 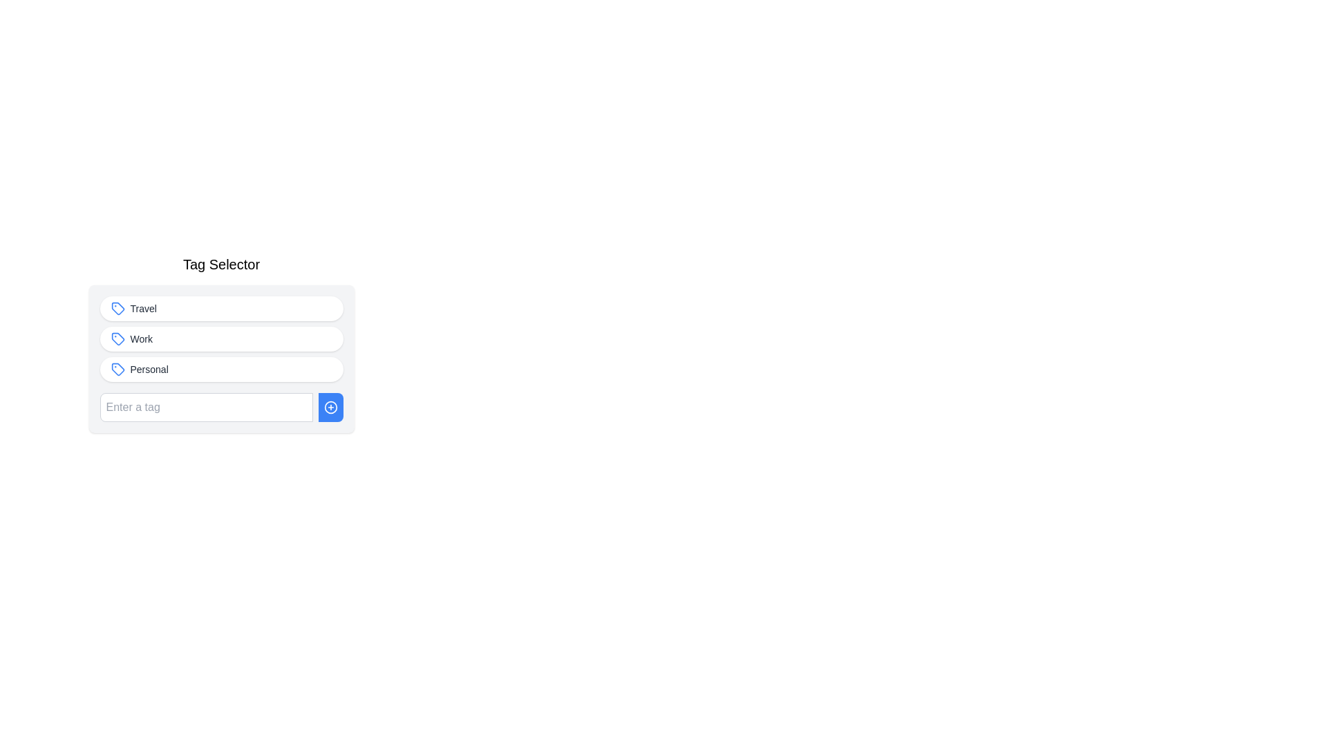 I want to click on the 'Work' label button, which is the second button in a vertical list of three buttons, so click(x=141, y=338).